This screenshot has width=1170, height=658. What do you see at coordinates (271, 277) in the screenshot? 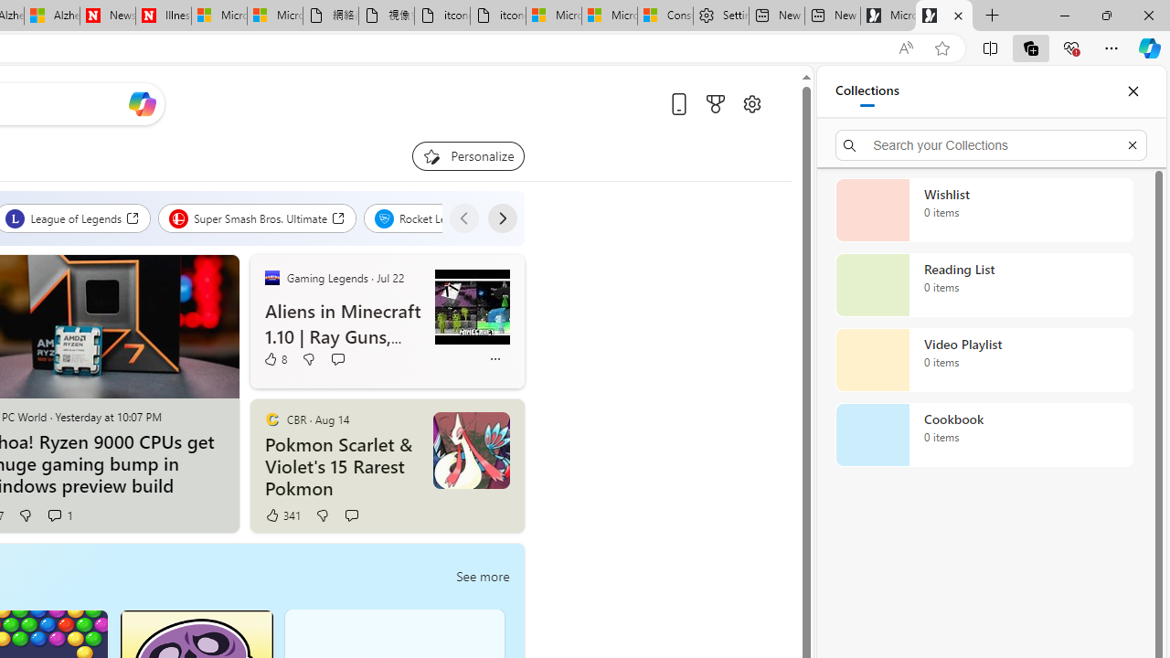
I see `'Gaming Legends'` at bounding box center [271, 277].